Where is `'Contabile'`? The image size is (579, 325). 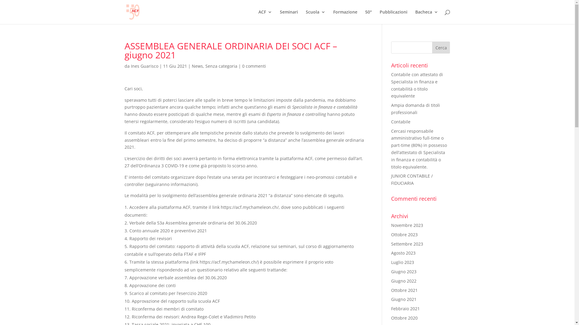
'Contabile' is located at coordinates (401, 122).